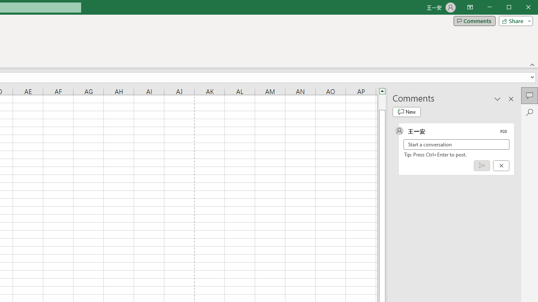  Describe the element at coordinates (520, 8) in the screenshot. I see `'Maximize'` at that location.